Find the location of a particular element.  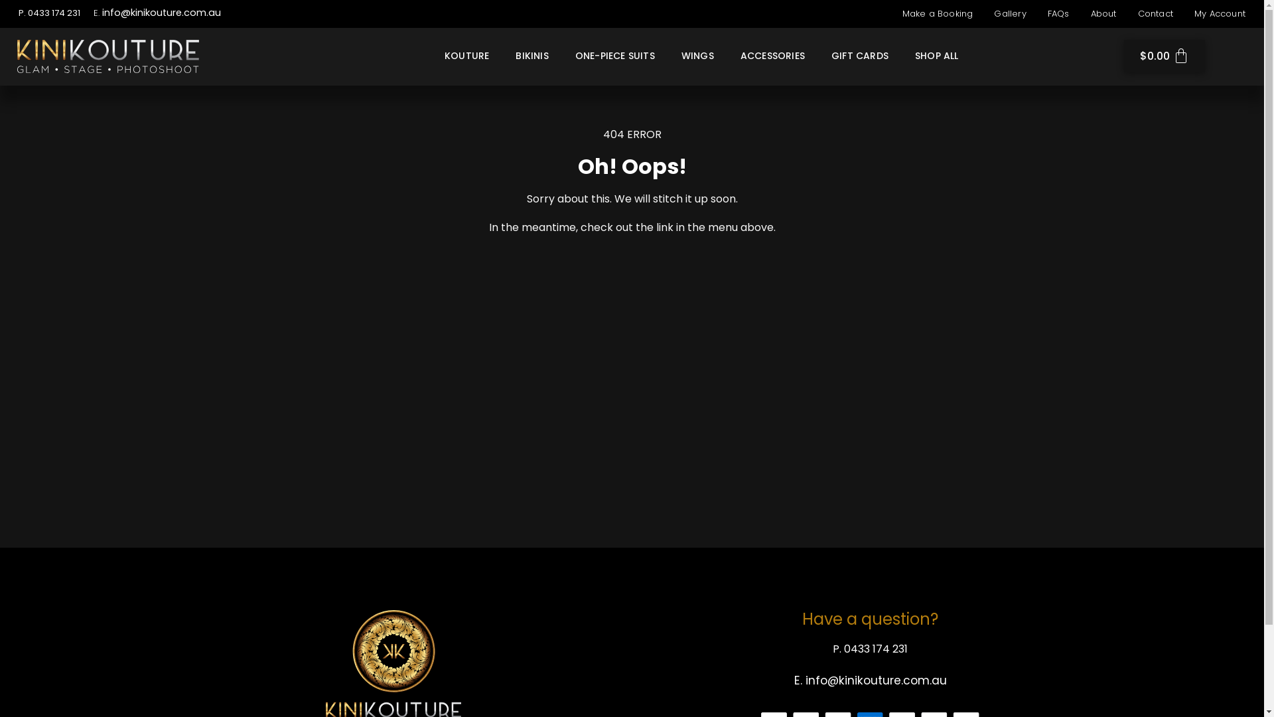

'info@kinikouture.com.au' is located at coordinates (161, 13).